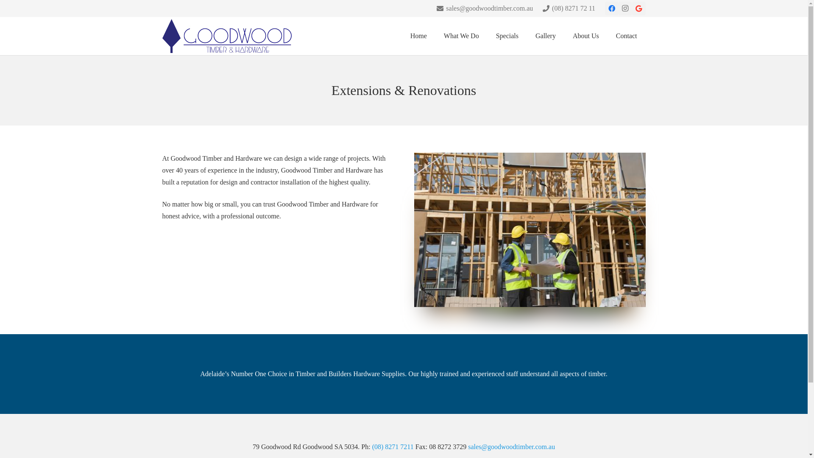 The height and width of the screenshot is (458, 814). What do you see at coordinates (511, 446) in the screenshot?
I see `'sales@goodwoodtimber.com.au'` at bounding box center [511, 446].